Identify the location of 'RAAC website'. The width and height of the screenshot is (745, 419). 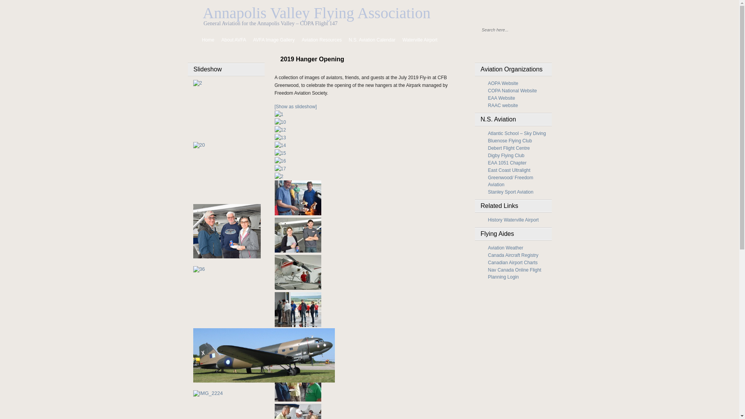
(503, 106).